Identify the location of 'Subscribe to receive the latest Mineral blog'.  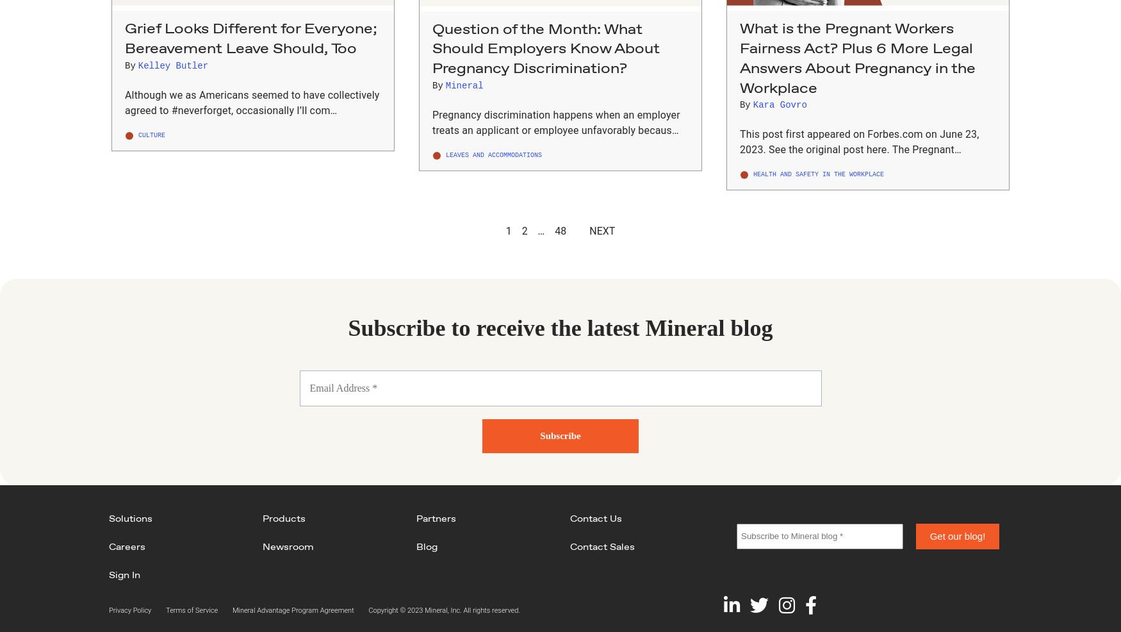
(560, 328).